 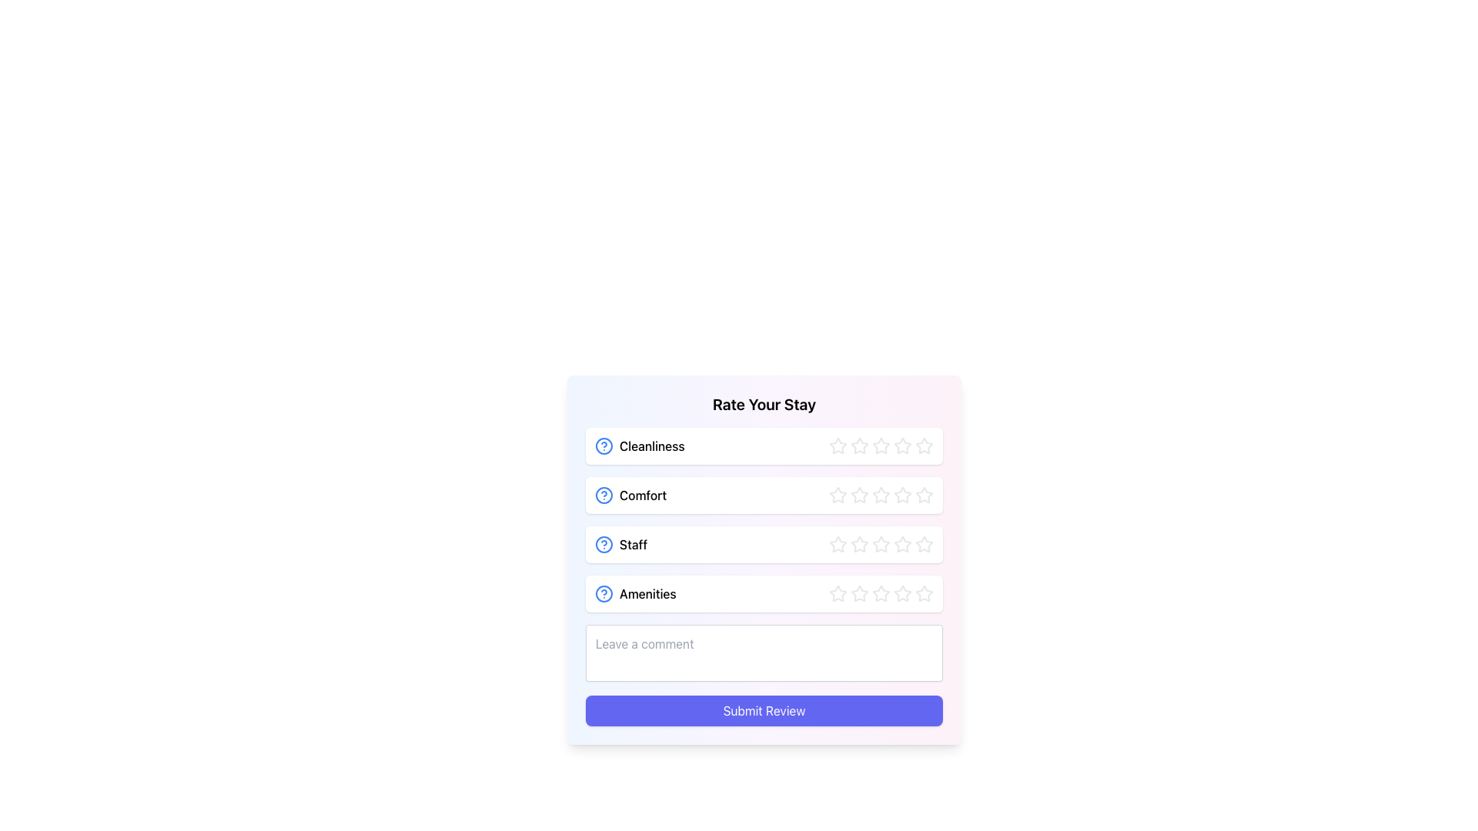 I want to click on the third star from the left in the 'Staff' row of the review form, so click(x=858, y=542).